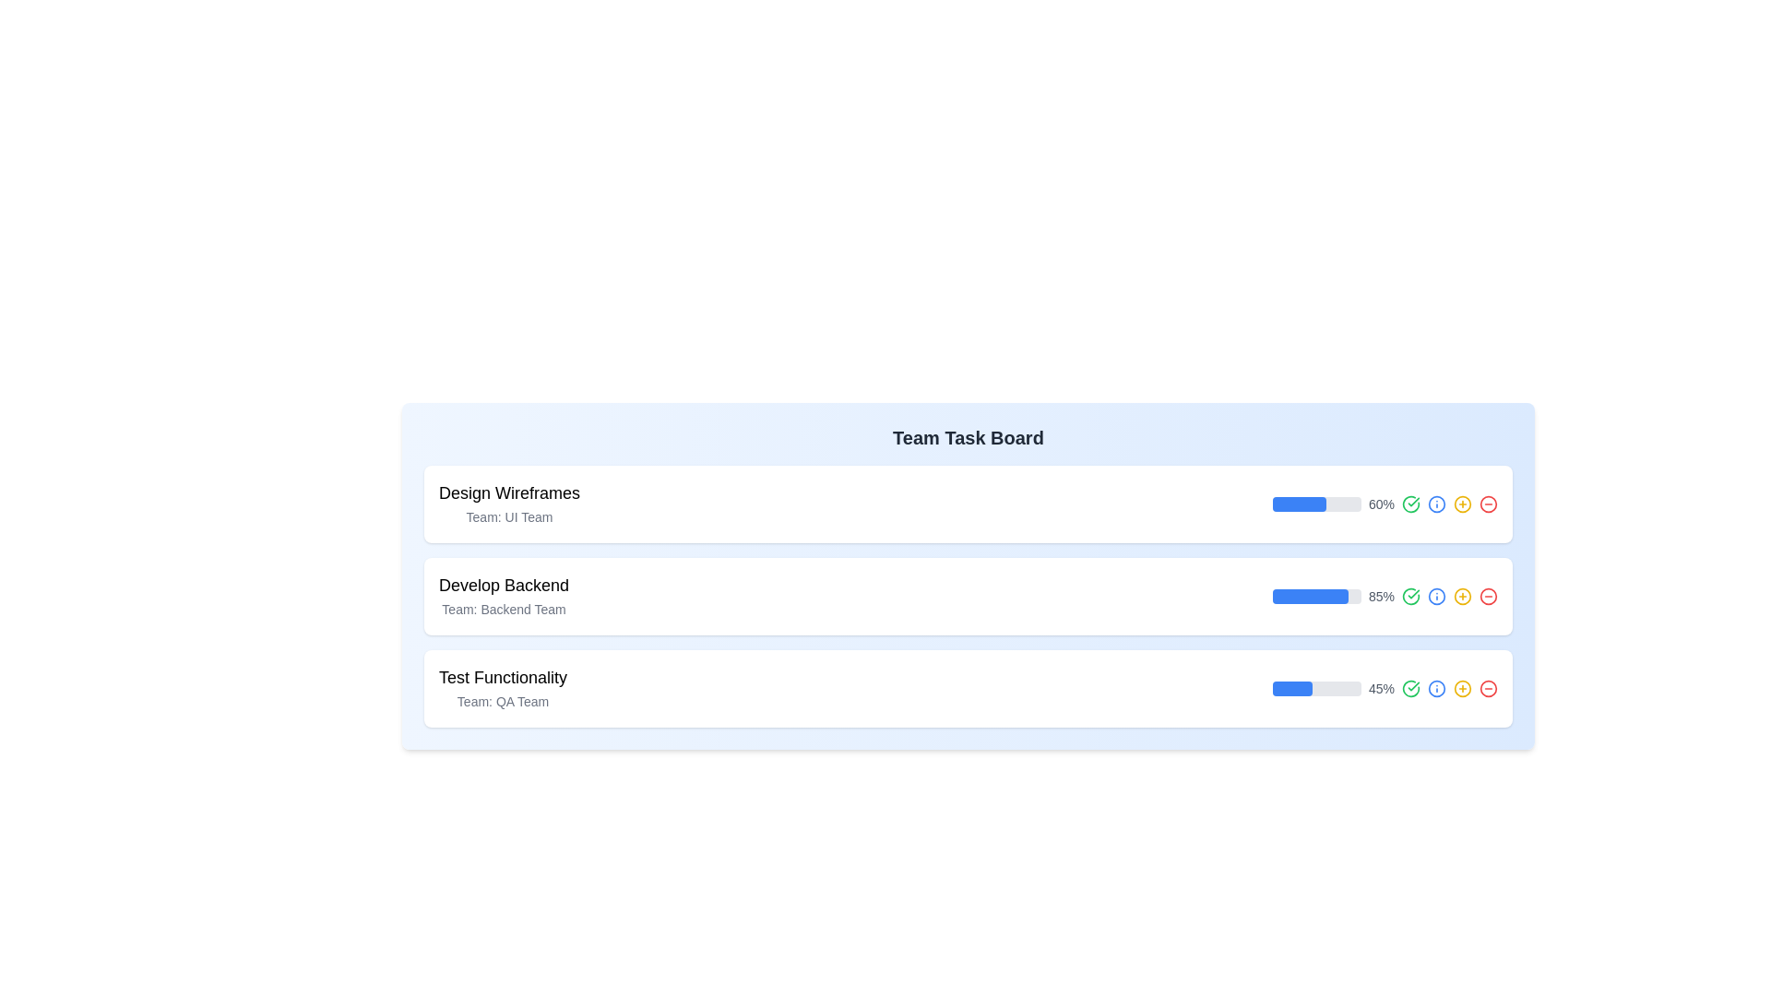 Image resolution: width=1771 pixels, height=996 pixels. Describe the element at coordinates (1381, 504) in the screenshot. I see `the text label displaying '60%' which indicates the progress of the task 'Design Wireframes, Team: UI Team' in the first task card` at that location.